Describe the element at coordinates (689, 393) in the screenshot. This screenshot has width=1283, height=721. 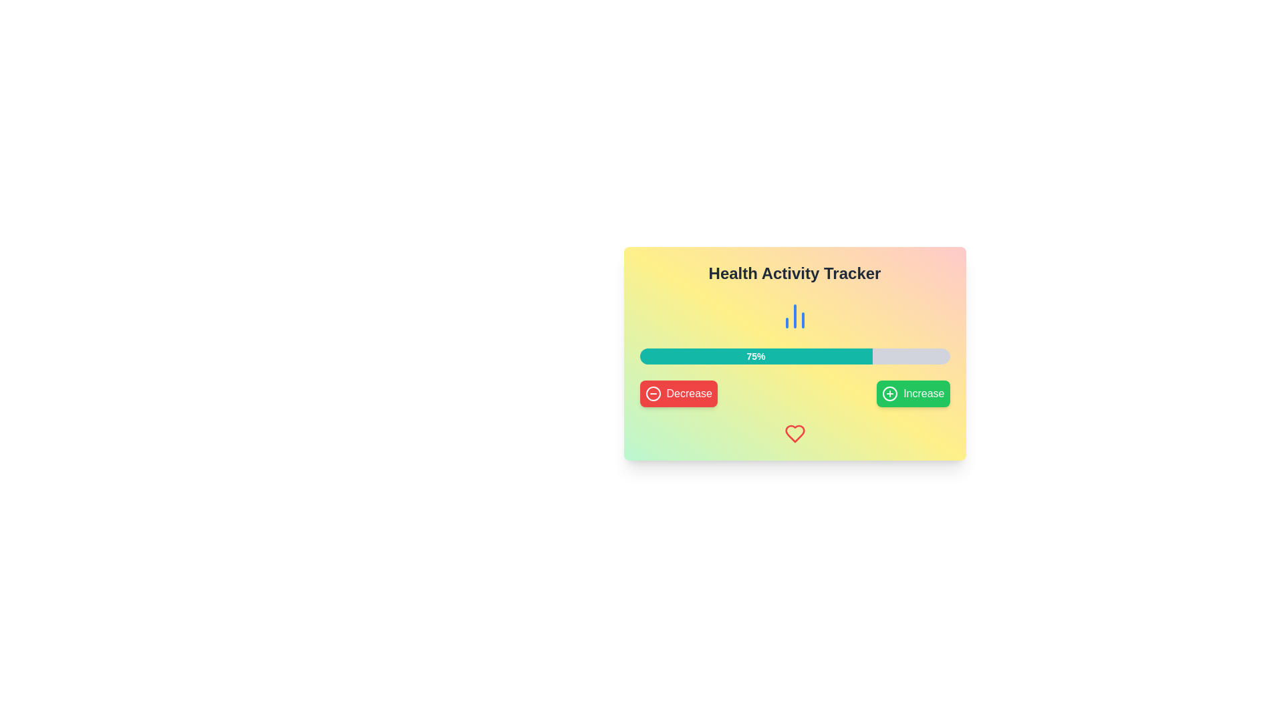
I see `the 'Decrease' text within the red button` at that location.